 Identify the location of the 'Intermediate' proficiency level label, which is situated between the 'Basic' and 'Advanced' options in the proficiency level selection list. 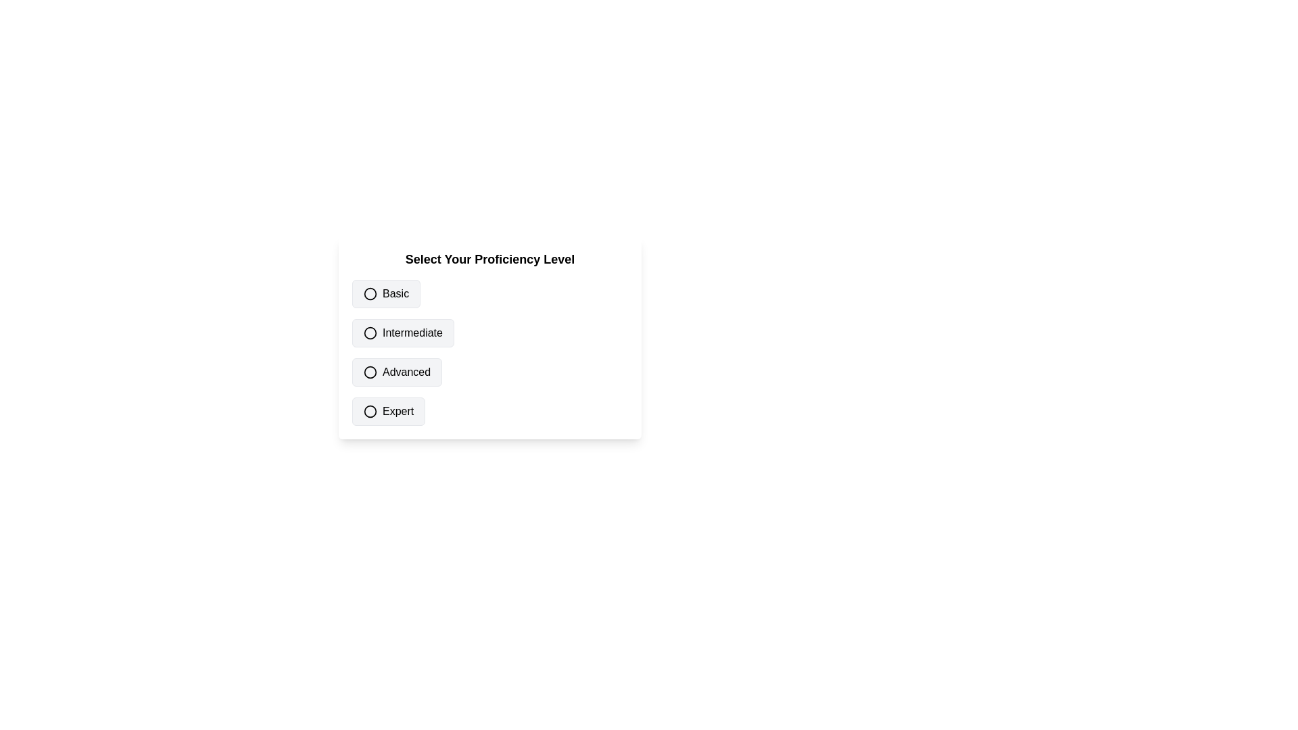
(412, 333).